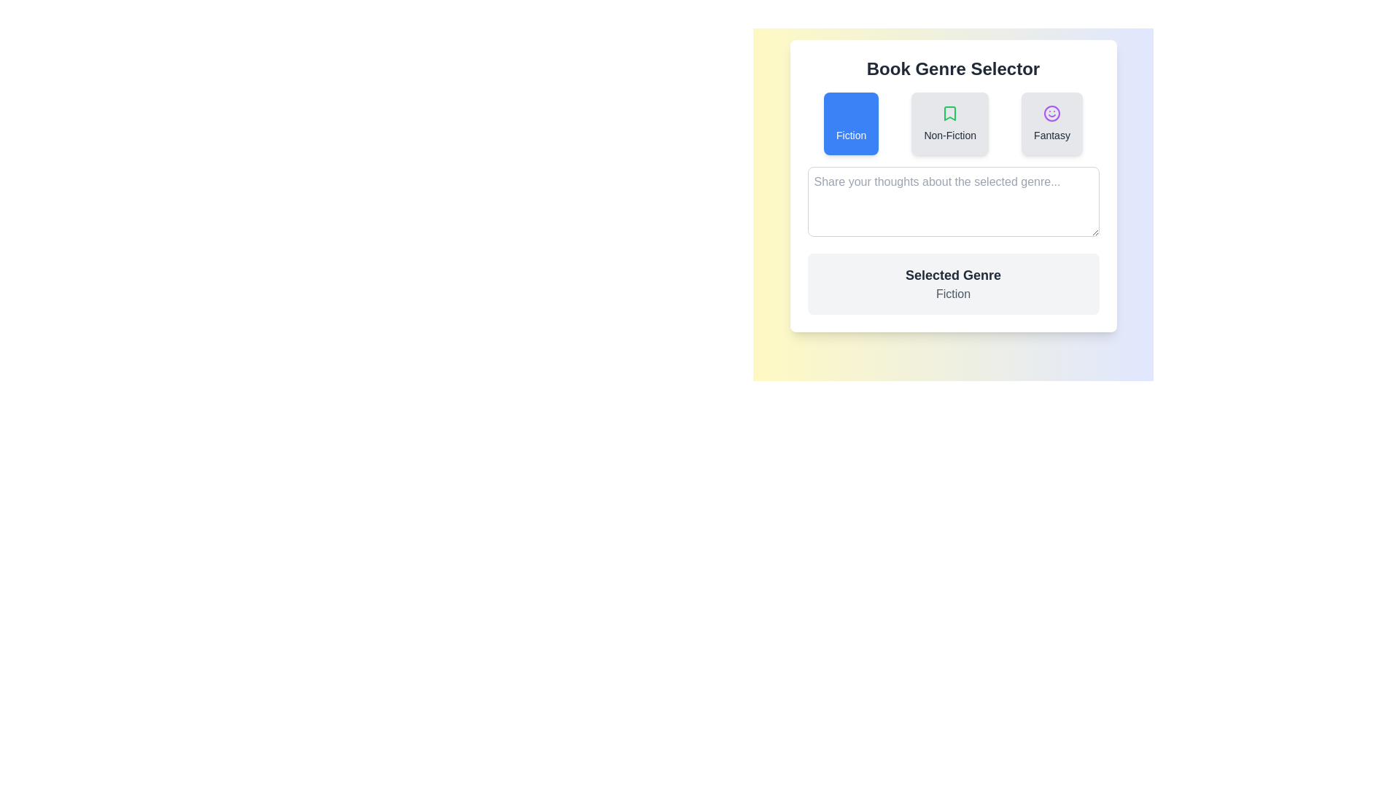 This screenshot has height=787, width=1400. I want to click on the 'Fantasy' text label, which is the rightmost option in the 'Book Genre Selector' panel, so click(1052, 135).